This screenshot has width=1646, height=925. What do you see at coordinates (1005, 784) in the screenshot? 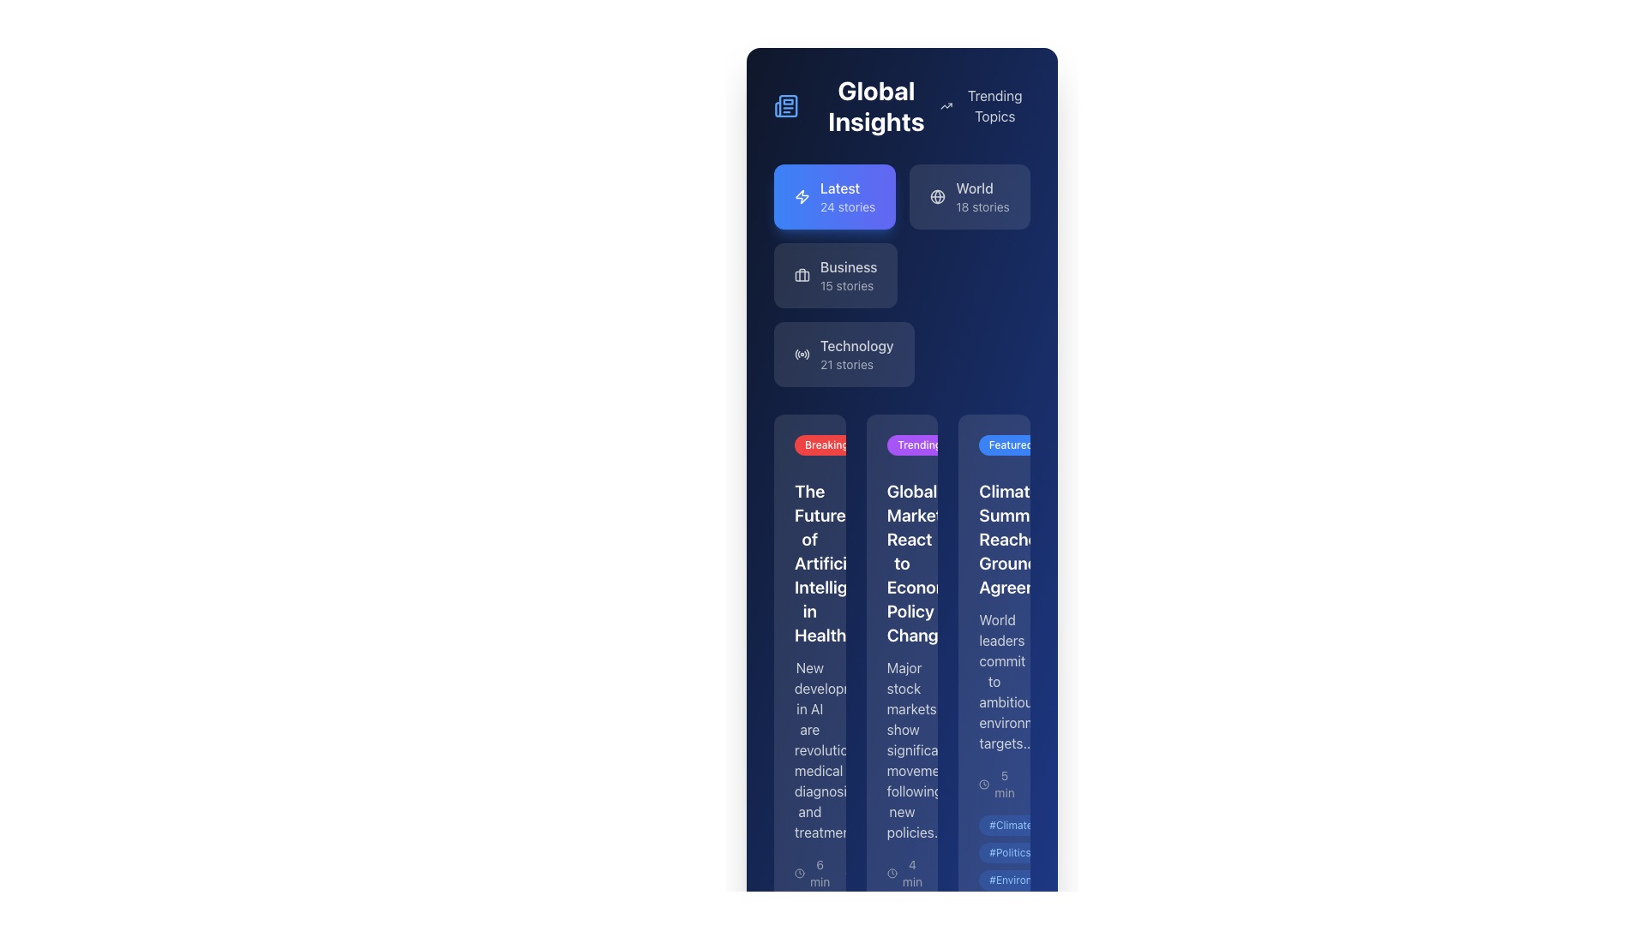
I see `the static text label displaying '5 min', which is styled in light gray font against a blue background, located in the bottom section of the third vertical column from the left under the 'Featured' label` at bounding box center [1005, 784].